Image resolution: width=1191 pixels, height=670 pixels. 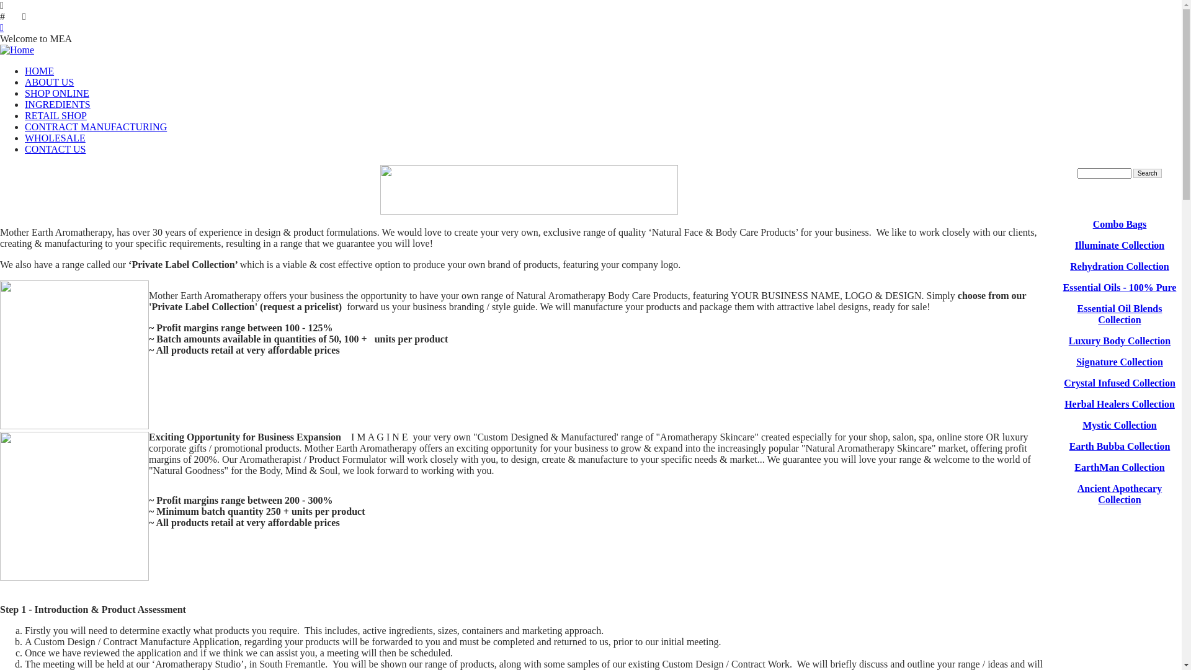 I want to click on 'Herbal Healers Collection', so click(x=1119, y=404).